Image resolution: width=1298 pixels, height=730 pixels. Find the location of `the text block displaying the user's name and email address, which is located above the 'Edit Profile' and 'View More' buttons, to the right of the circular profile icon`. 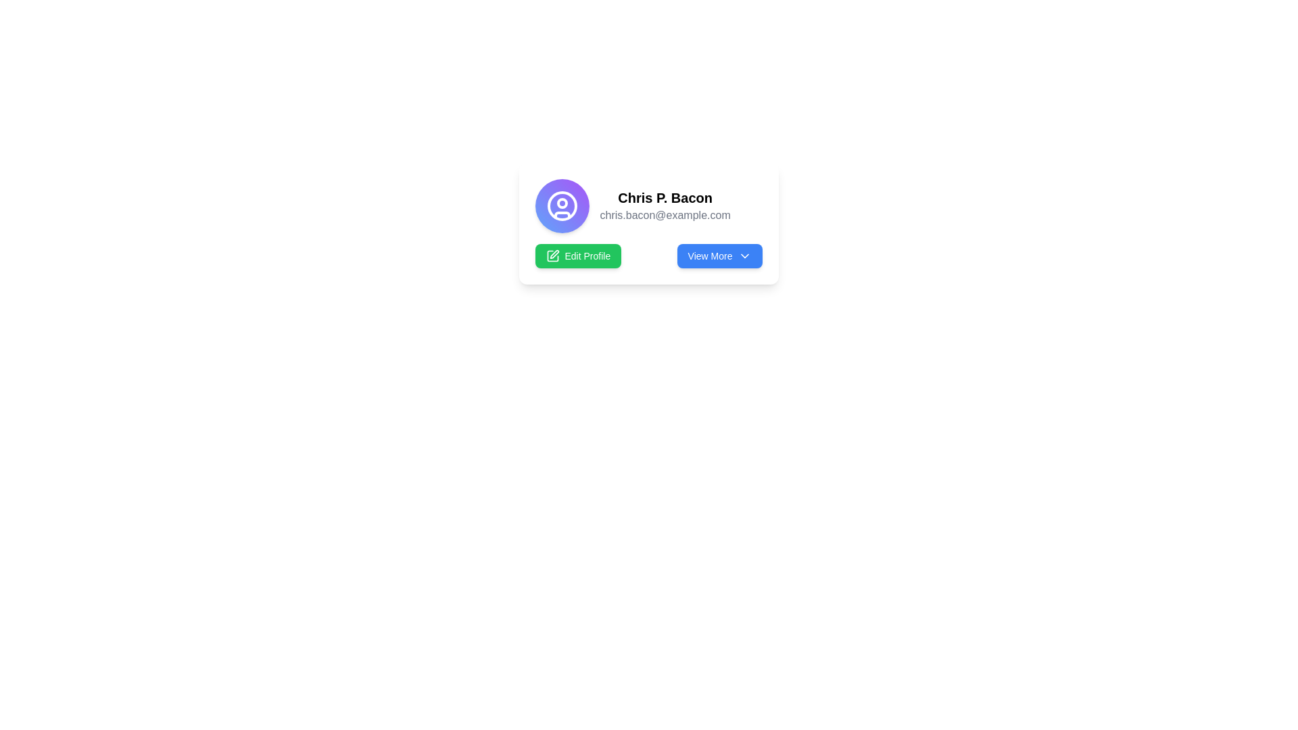

the text block displaying the user's name and email address, which is located above the 'Edit Profile' and 'View More' buttons, to the right of the circular profile icon is located at coordinates (665, 205).